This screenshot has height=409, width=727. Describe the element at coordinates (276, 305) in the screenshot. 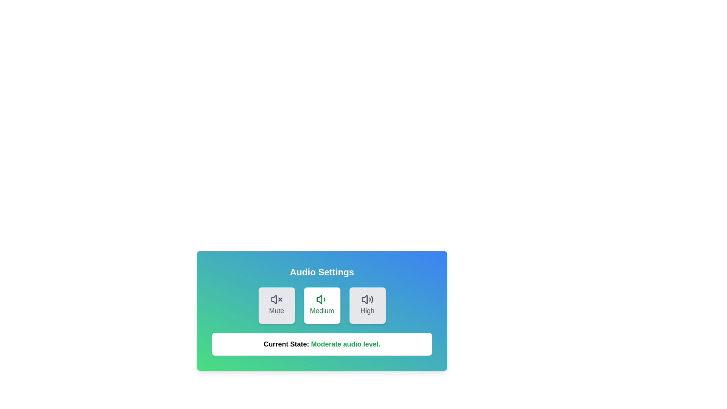

I see `the button corresponding to the desired volume level: Mute` at that location.